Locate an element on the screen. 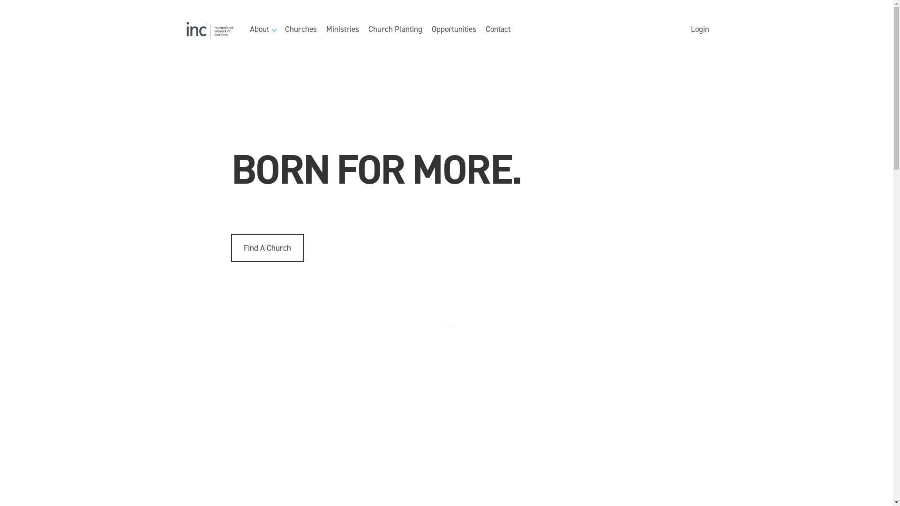  'Churches' is located at coordinates (301, 30).